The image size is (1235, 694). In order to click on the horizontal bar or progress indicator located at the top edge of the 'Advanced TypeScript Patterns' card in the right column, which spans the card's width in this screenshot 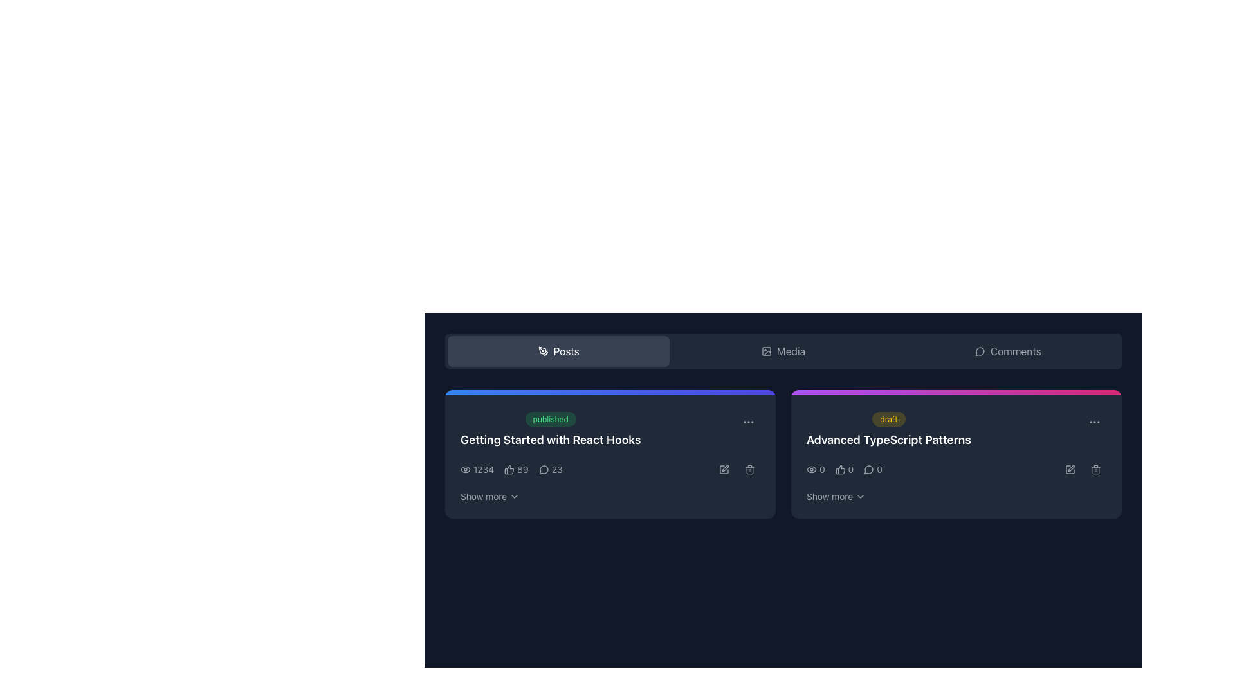, I will do `click(956, 391)`.